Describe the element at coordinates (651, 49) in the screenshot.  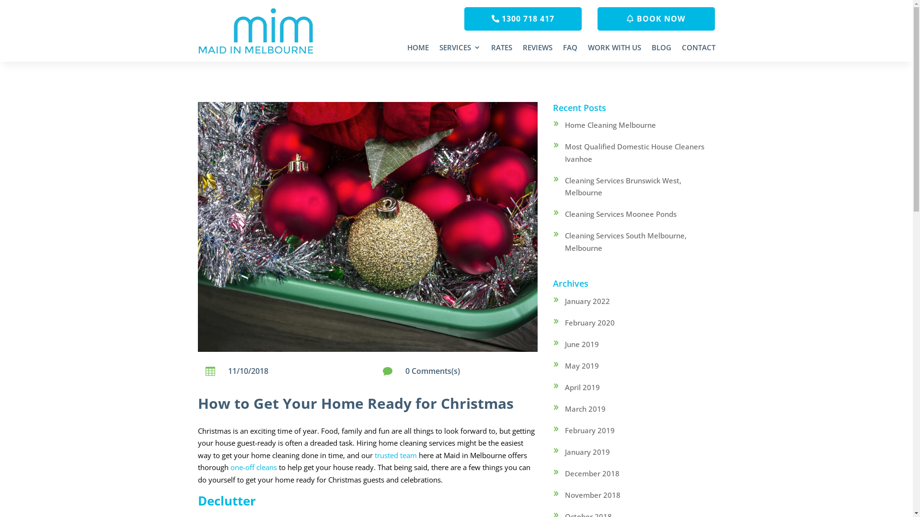
I see `'BLOG'` at that location.